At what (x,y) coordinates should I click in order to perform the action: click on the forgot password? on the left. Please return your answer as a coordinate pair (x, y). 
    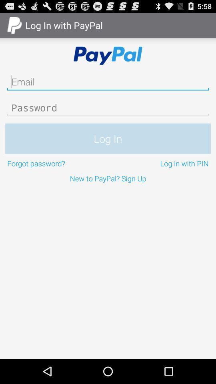
    Looking at the image, I should click on (56, 163).